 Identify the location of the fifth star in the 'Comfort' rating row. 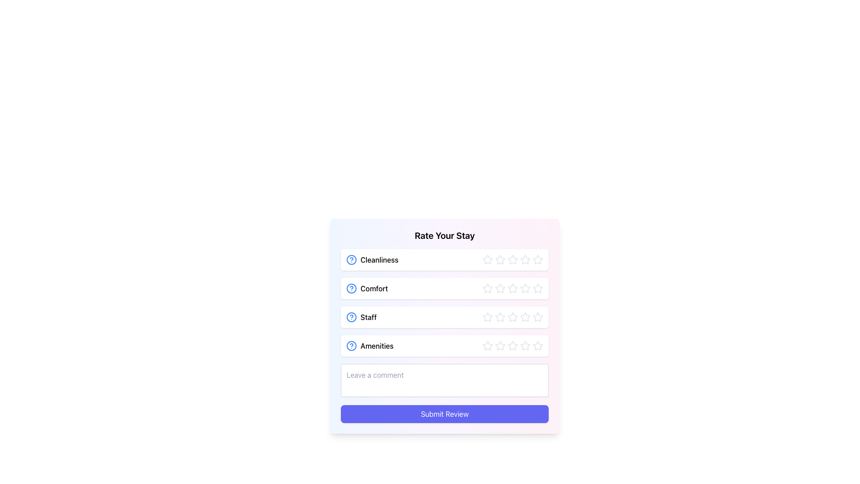
(537, 289).